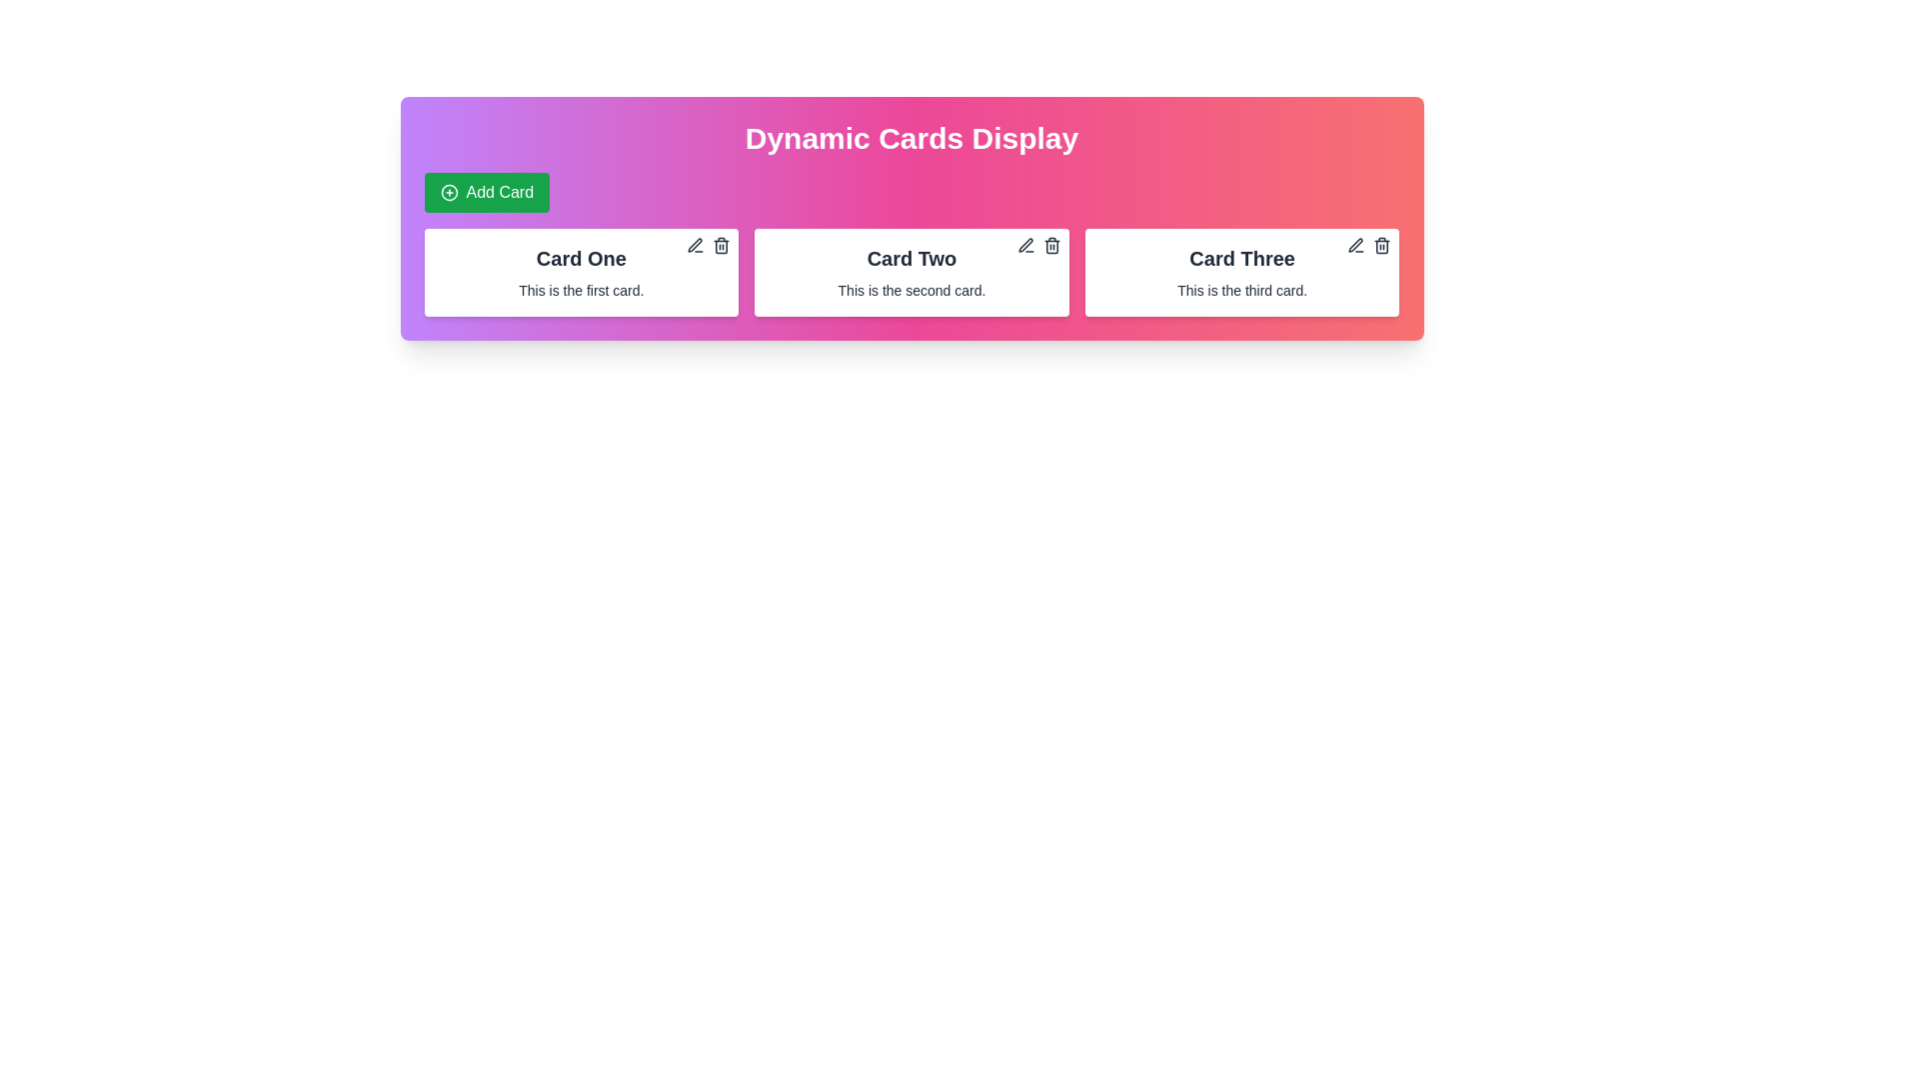 This screenshot has height=1079, width=1919. Describe the element at coordinates (1368, 245) in the screenshot. I see `the Interactive Control Group located in the top-right corner of 'Card Three'` at that location.